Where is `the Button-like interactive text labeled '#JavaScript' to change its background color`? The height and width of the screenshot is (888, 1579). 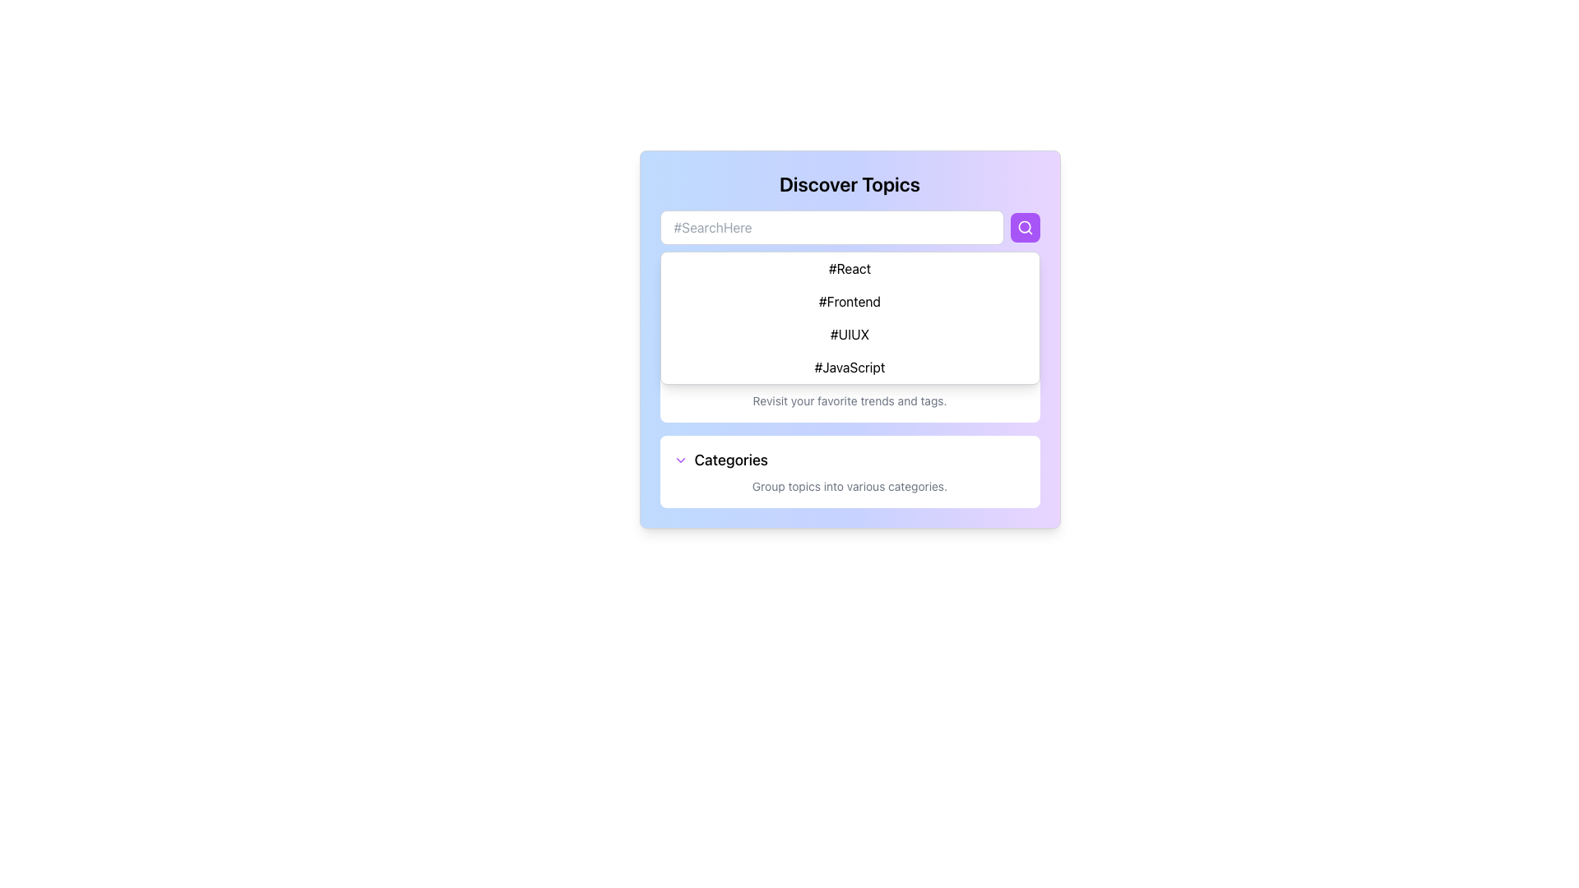
the Button-like interactive text labeled '#JavaScript' to change its background color is located at coordinates (850, 367).